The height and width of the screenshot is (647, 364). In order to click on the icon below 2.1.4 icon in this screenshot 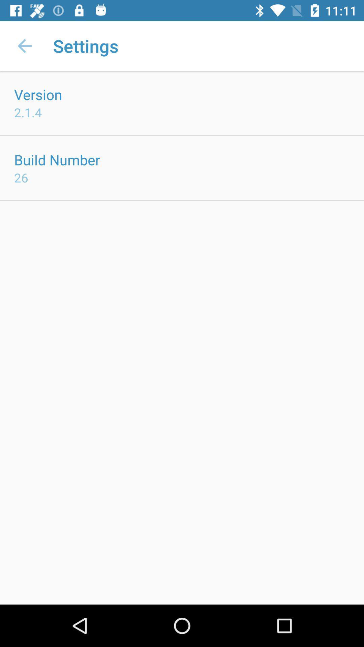, I will do `click(57, 159)`.